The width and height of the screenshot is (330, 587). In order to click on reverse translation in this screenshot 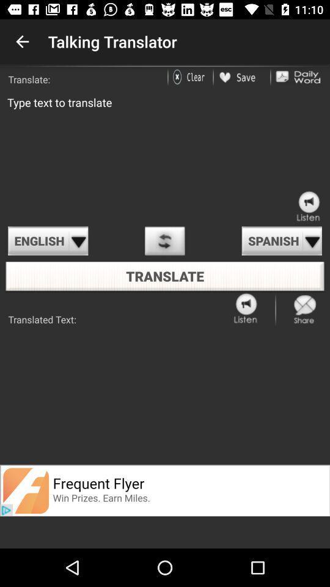, I will do `click(164, 240)`.